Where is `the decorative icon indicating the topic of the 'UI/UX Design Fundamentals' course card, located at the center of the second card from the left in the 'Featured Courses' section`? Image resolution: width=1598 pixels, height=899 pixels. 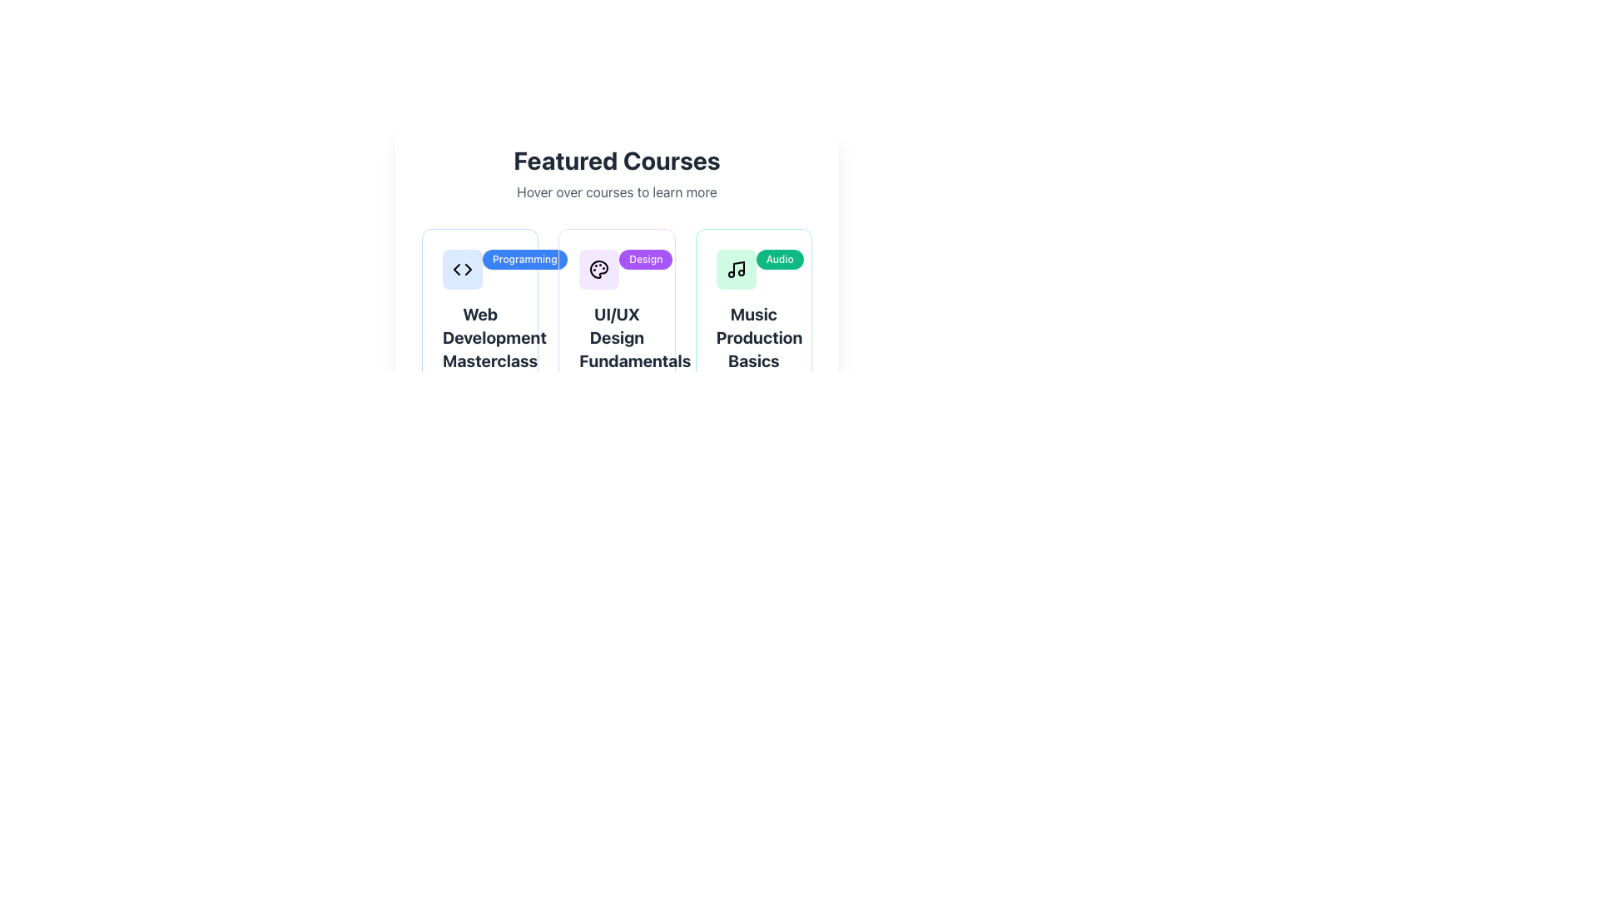 the decorative icon indicating the topic of the 'UI/UX Design Fundamentals' course card, located at the center of the second card from the left in the 'Featured Courses' section is located at coordinates (599, 269).